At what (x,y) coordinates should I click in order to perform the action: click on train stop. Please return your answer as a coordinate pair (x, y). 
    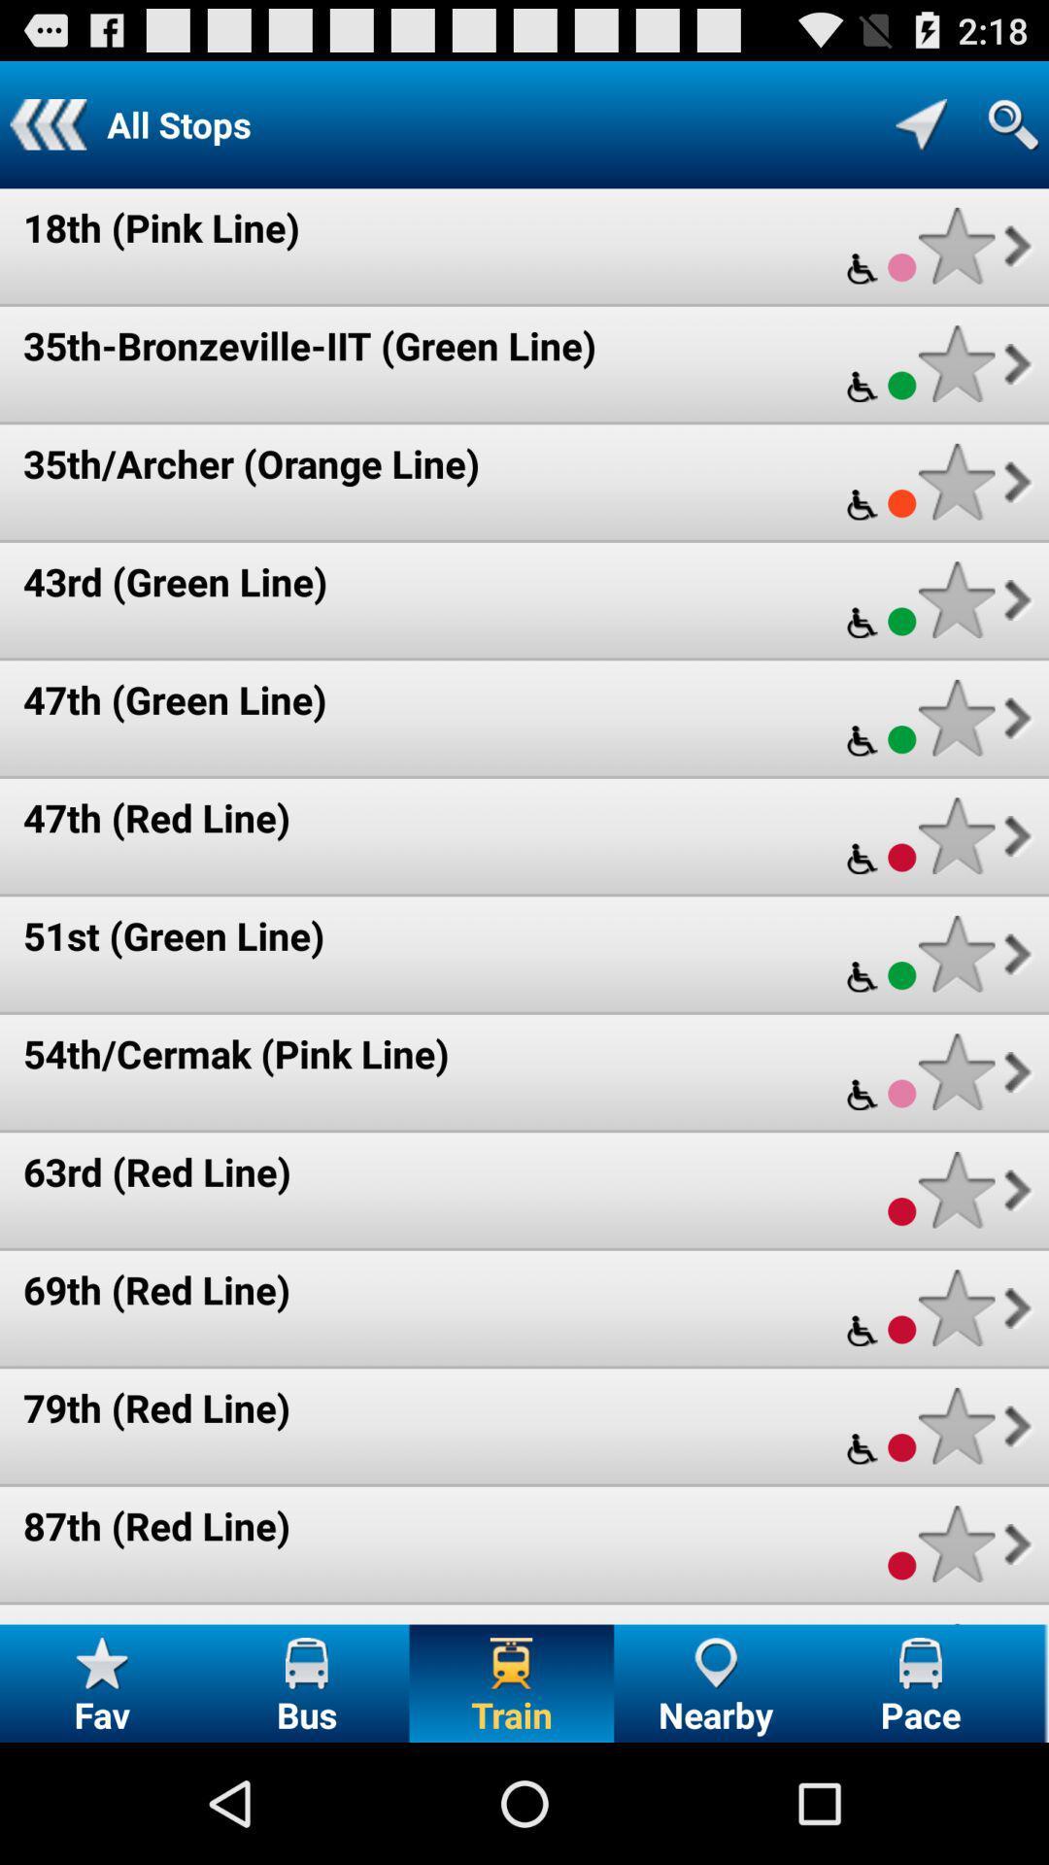
    Looking at the image, I should click on (956, 1426).